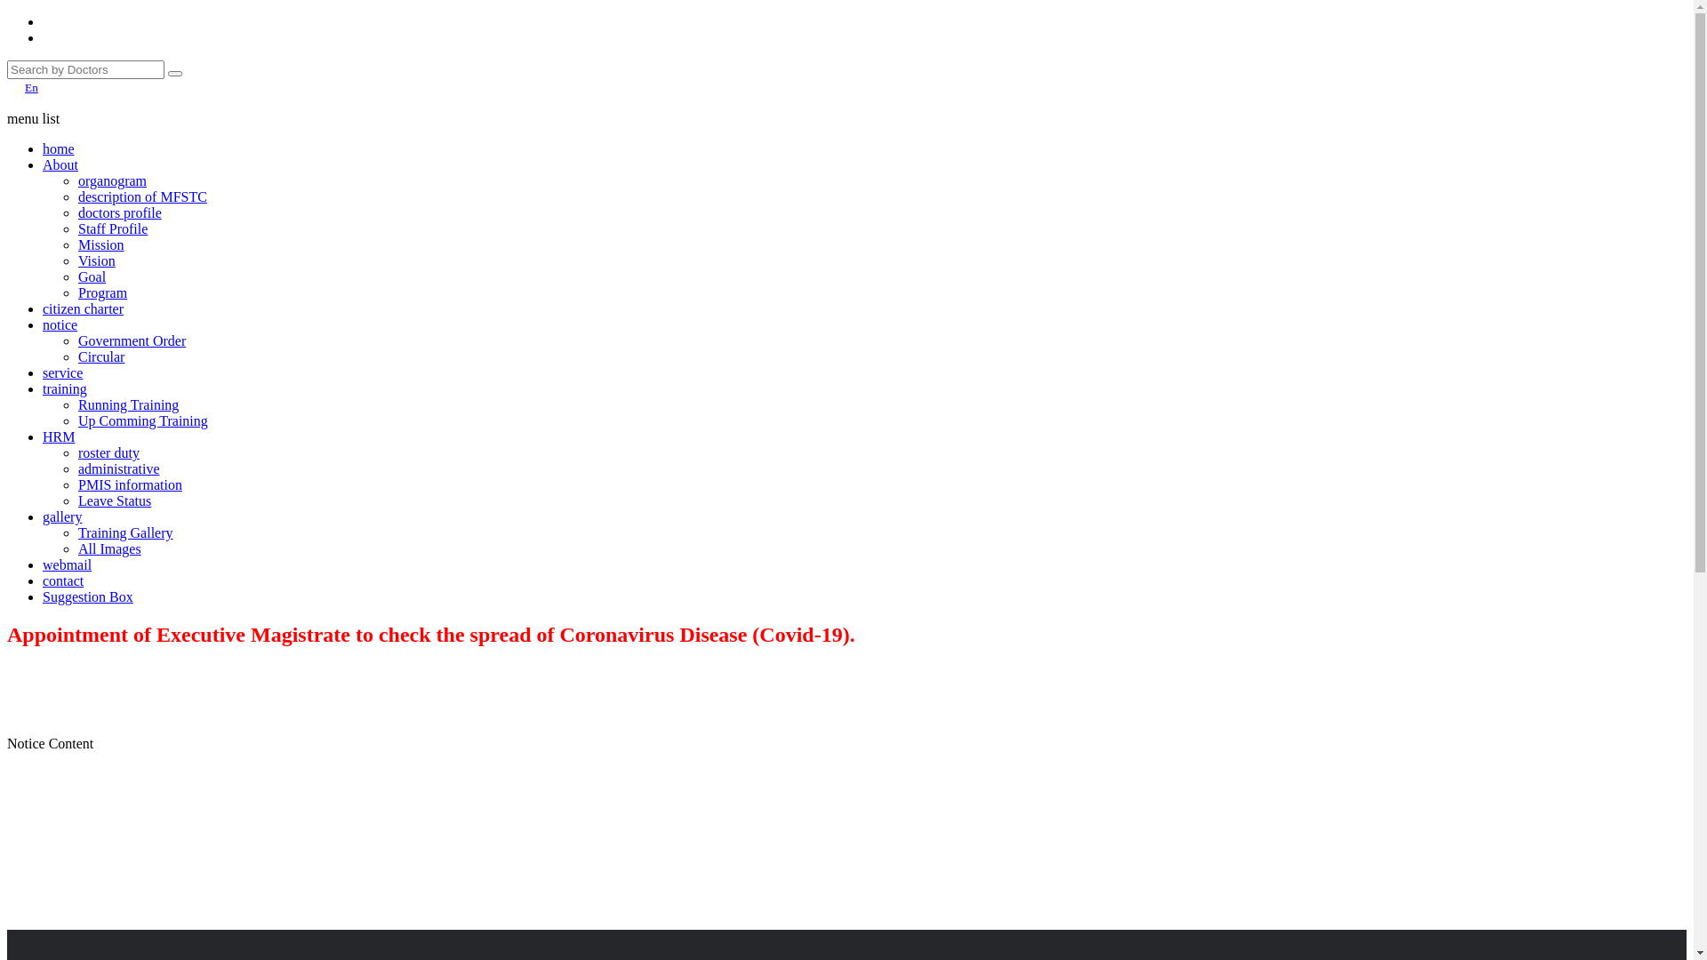 Image resolution: width=1707 pixels, height=960 pixels. What do you see at coordinates (100, 356) in the screenshot?
I see `'Circular'` at bounding box center [100, 356].